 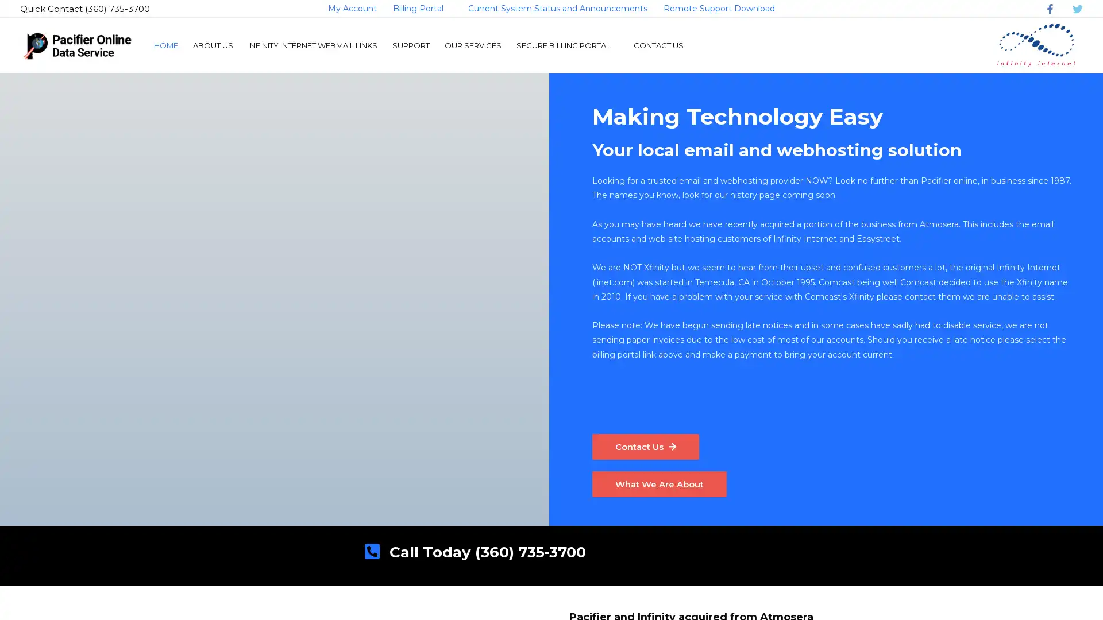 What do you see at coordinates (647, 447) in the screenshot?
I see `Contact Us` at bounding box center [647, 447].